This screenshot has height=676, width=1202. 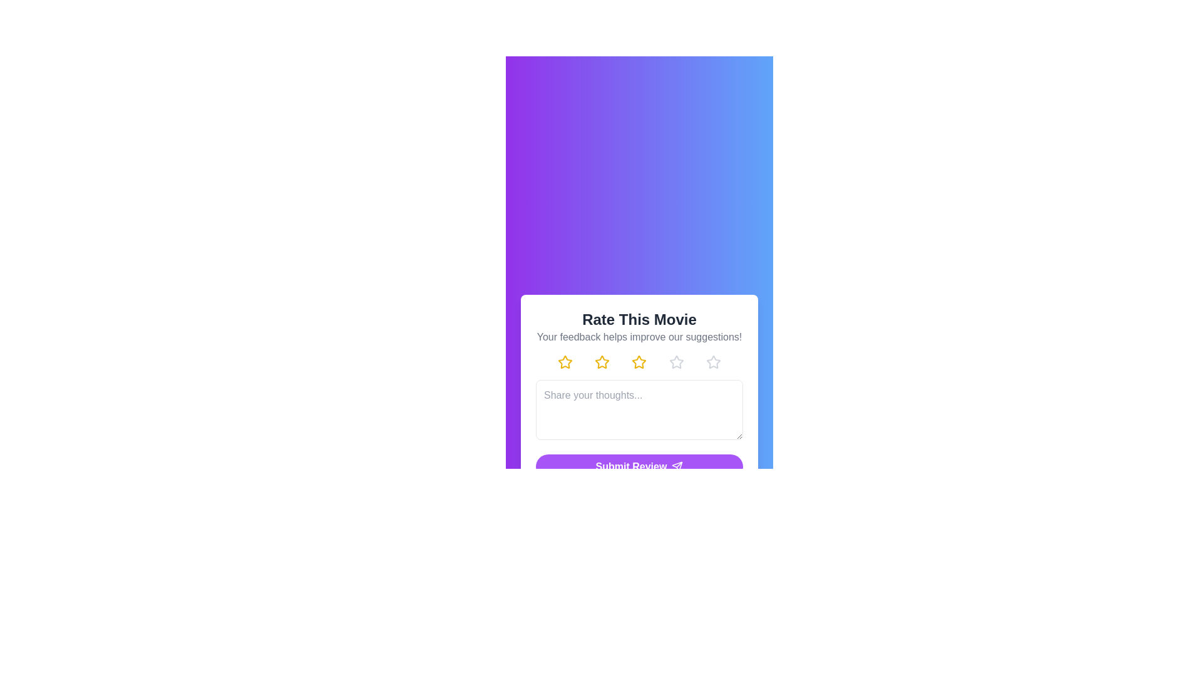 I want to click on the static text display element that shows 'Your feedback helps improve our suggestions!' located below the 'Rate This Movie' title, so click(x=639, y=336).